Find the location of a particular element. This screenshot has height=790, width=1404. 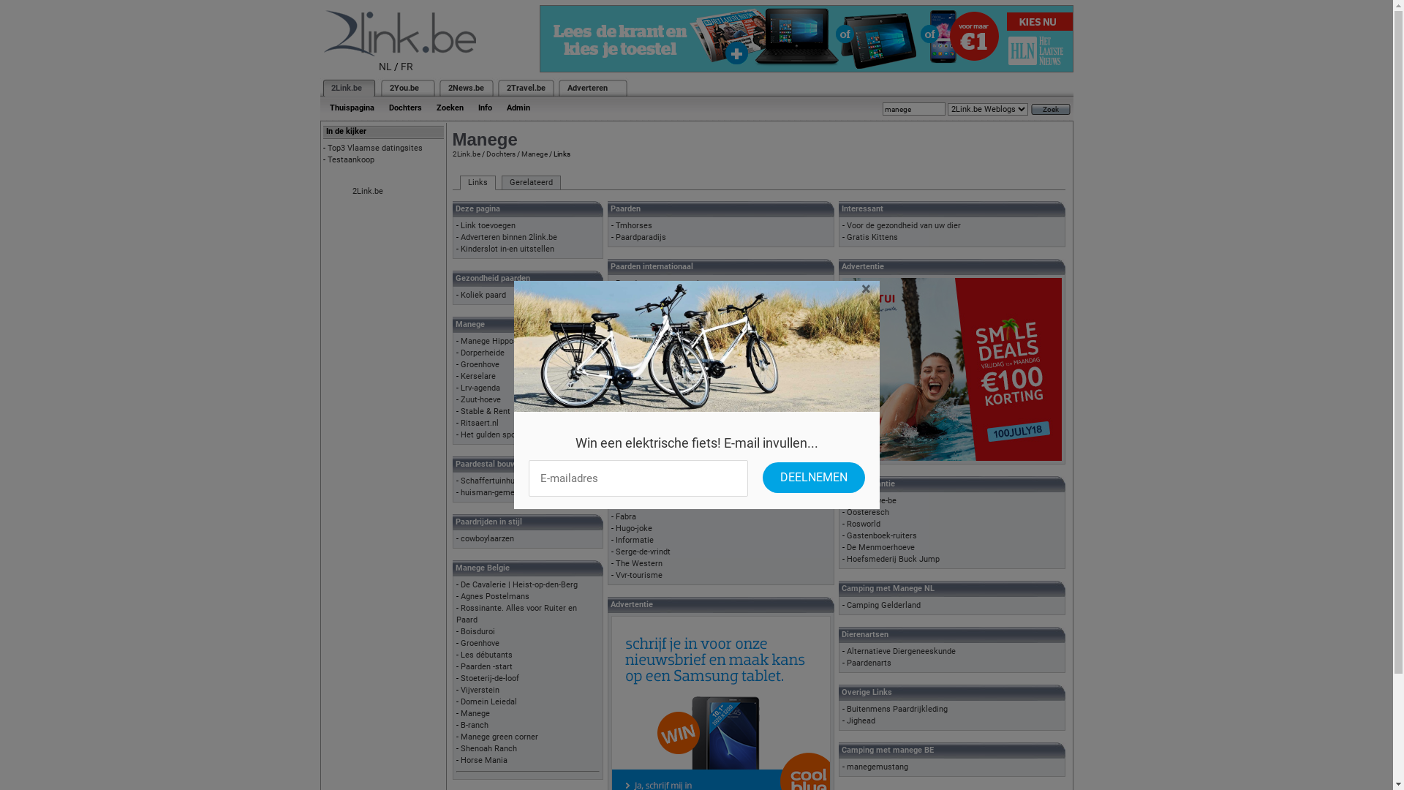

'Lrv-agenda' is located at coordinates (480, 387).